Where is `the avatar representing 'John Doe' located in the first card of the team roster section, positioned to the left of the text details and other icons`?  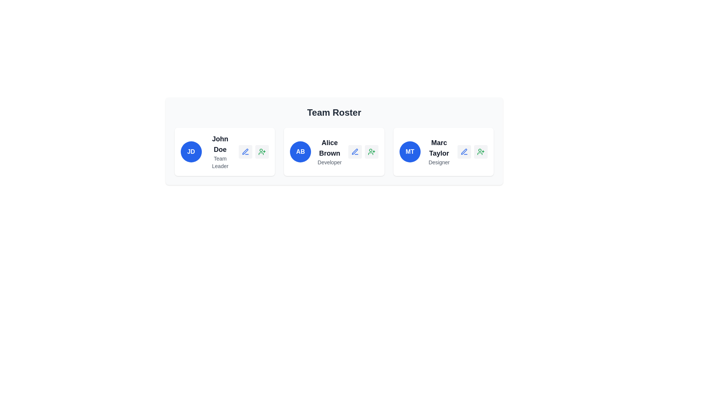 the avatar representing 'John Doe' located in the first card of the team roster section, positioned to the left of the text details and other icons is located at coordinates (191, 151).